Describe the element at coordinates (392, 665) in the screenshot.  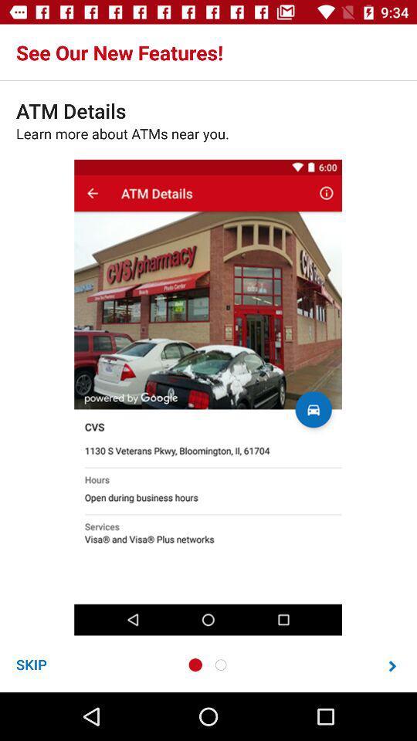
I see `next page` at that location.